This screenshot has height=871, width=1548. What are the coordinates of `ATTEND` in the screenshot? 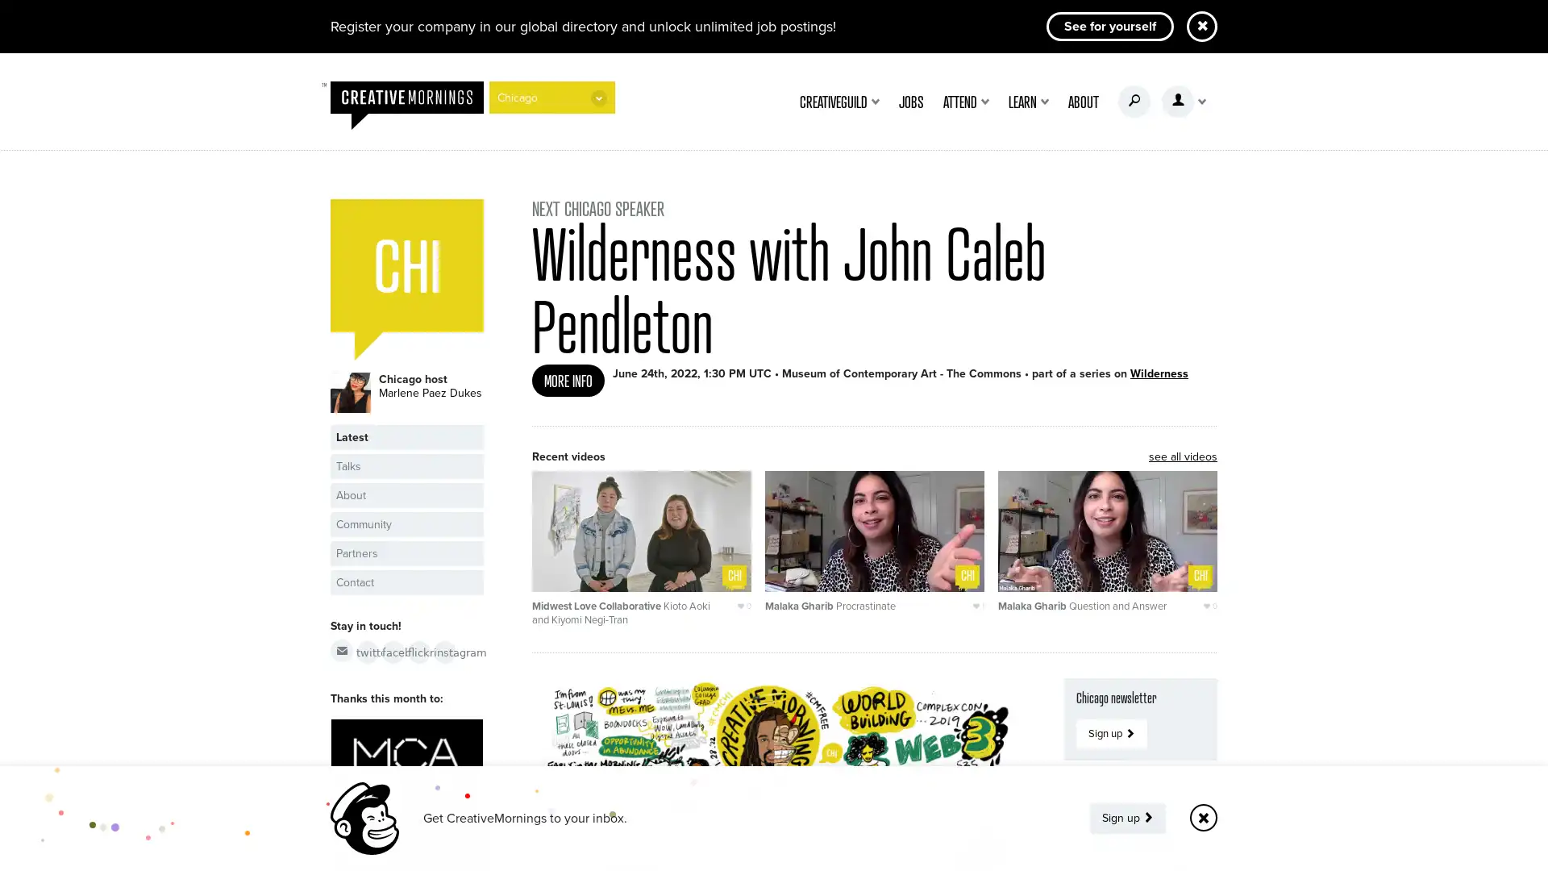 It's located at (966, 102).